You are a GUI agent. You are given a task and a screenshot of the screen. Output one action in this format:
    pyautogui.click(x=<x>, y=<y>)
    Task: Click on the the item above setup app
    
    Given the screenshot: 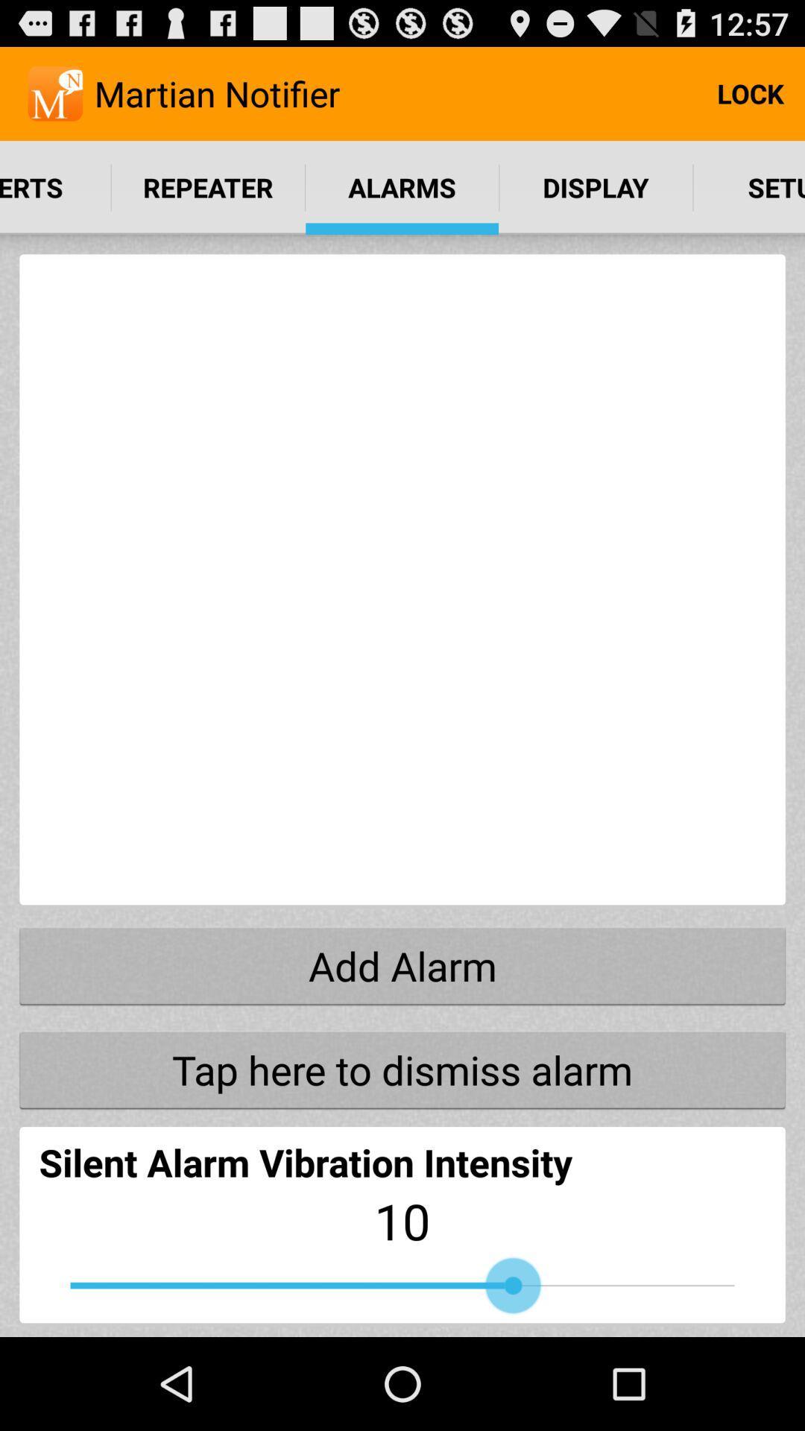 What is the action you would take?
    pyautogui.click(x=750, y=92)
    